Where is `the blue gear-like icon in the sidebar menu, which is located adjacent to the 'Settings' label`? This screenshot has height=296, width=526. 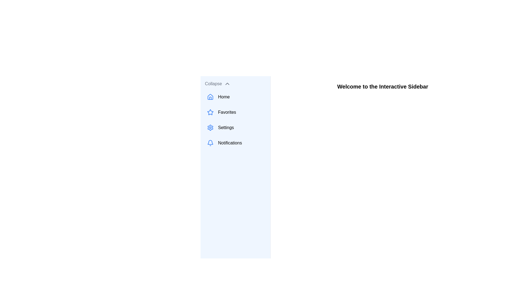 the blue gear-like icon in the sidebar menu, which is located adjacent to the 'Settings' label is located at coordinates (210, 128).